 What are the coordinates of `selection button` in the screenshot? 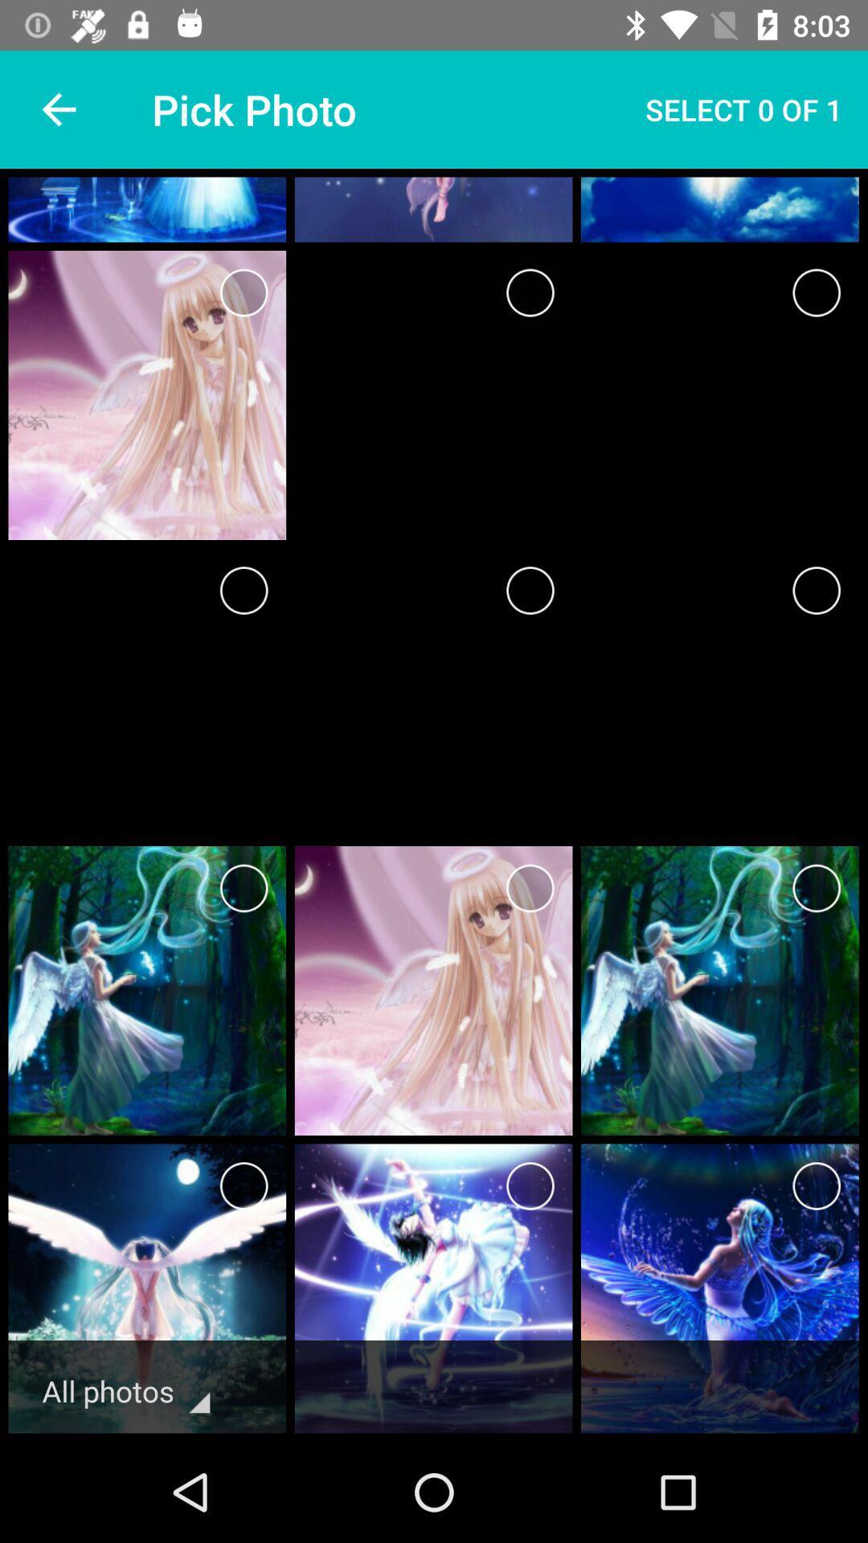 It's located at (817, 887).